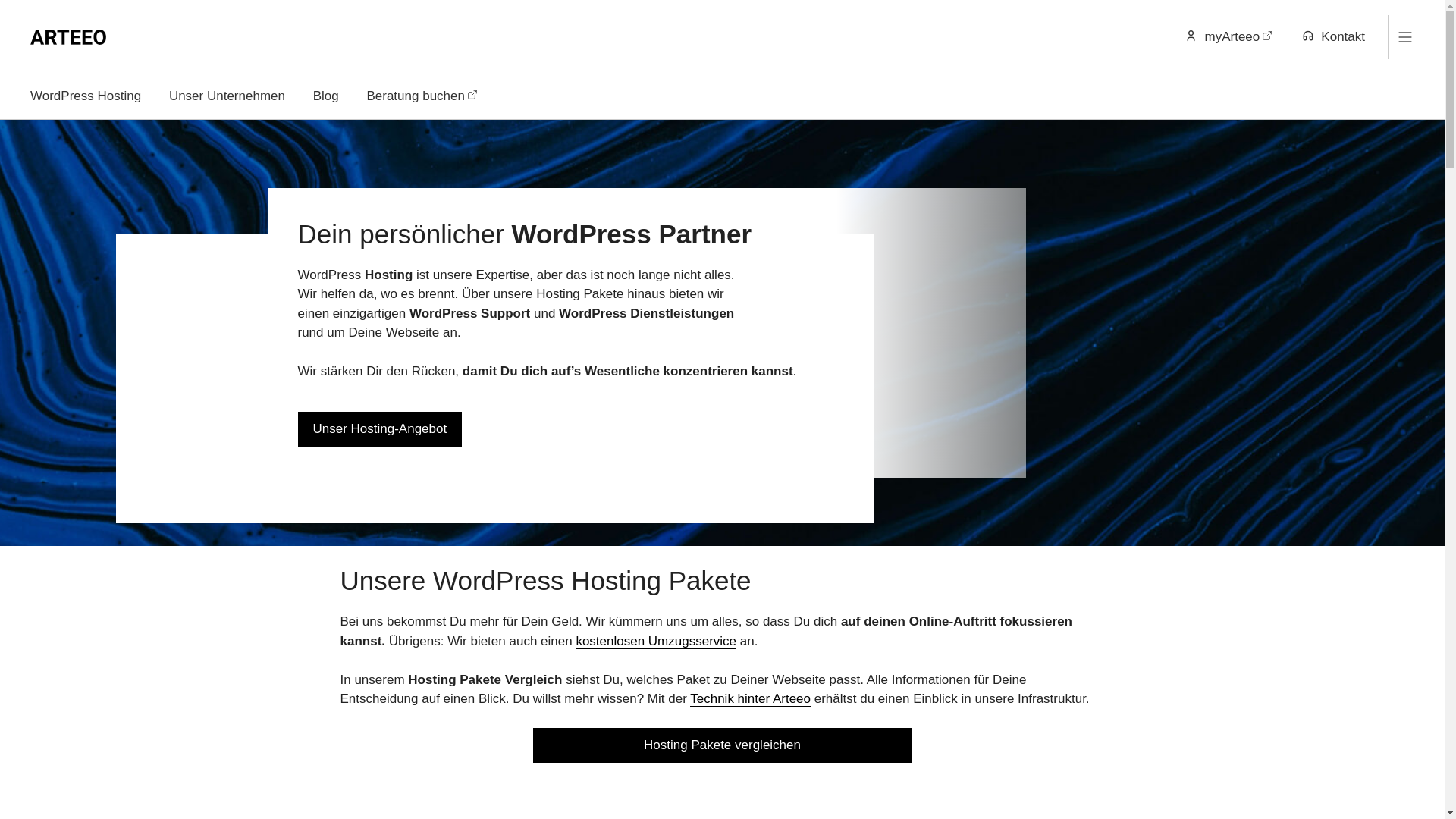  What do you see at coordinates (90, 96) in the screenshot?
I see `'WordPress Hosting'` at bounding box center [90, 96].